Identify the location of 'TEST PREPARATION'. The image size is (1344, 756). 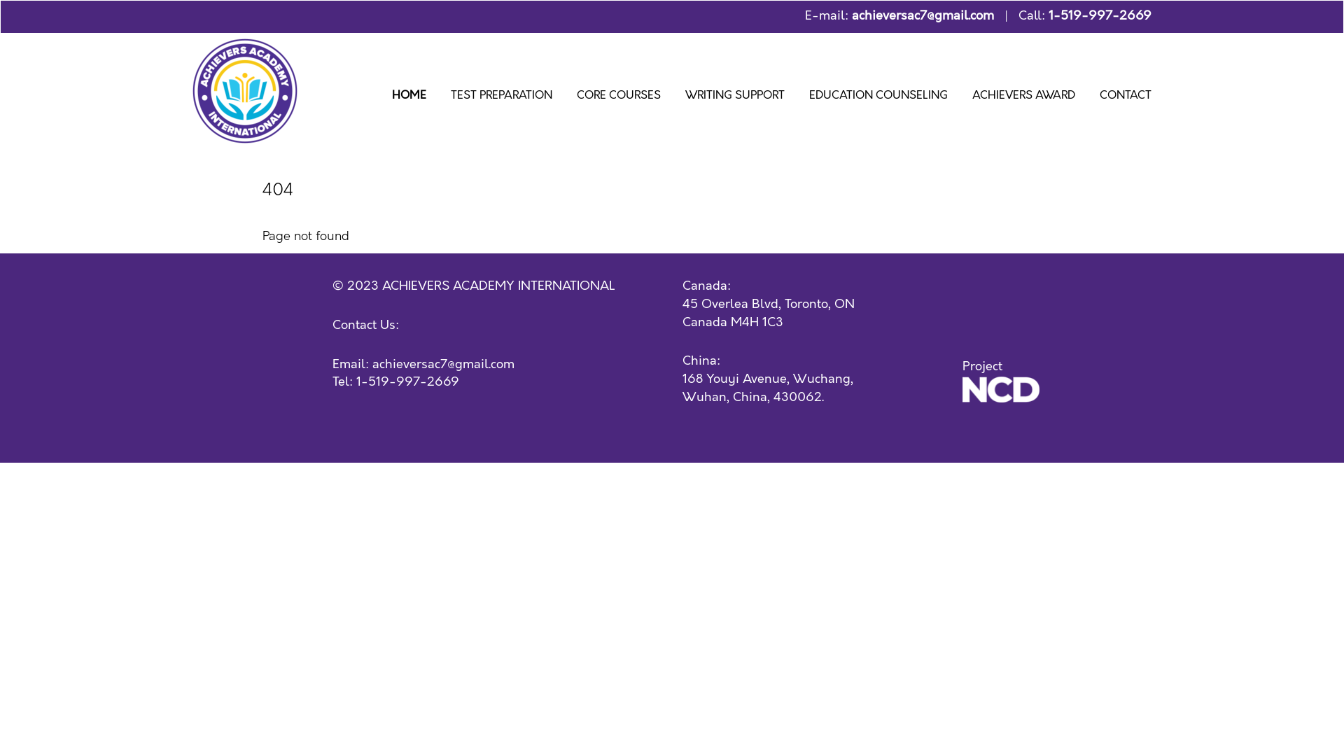
(501, 97).